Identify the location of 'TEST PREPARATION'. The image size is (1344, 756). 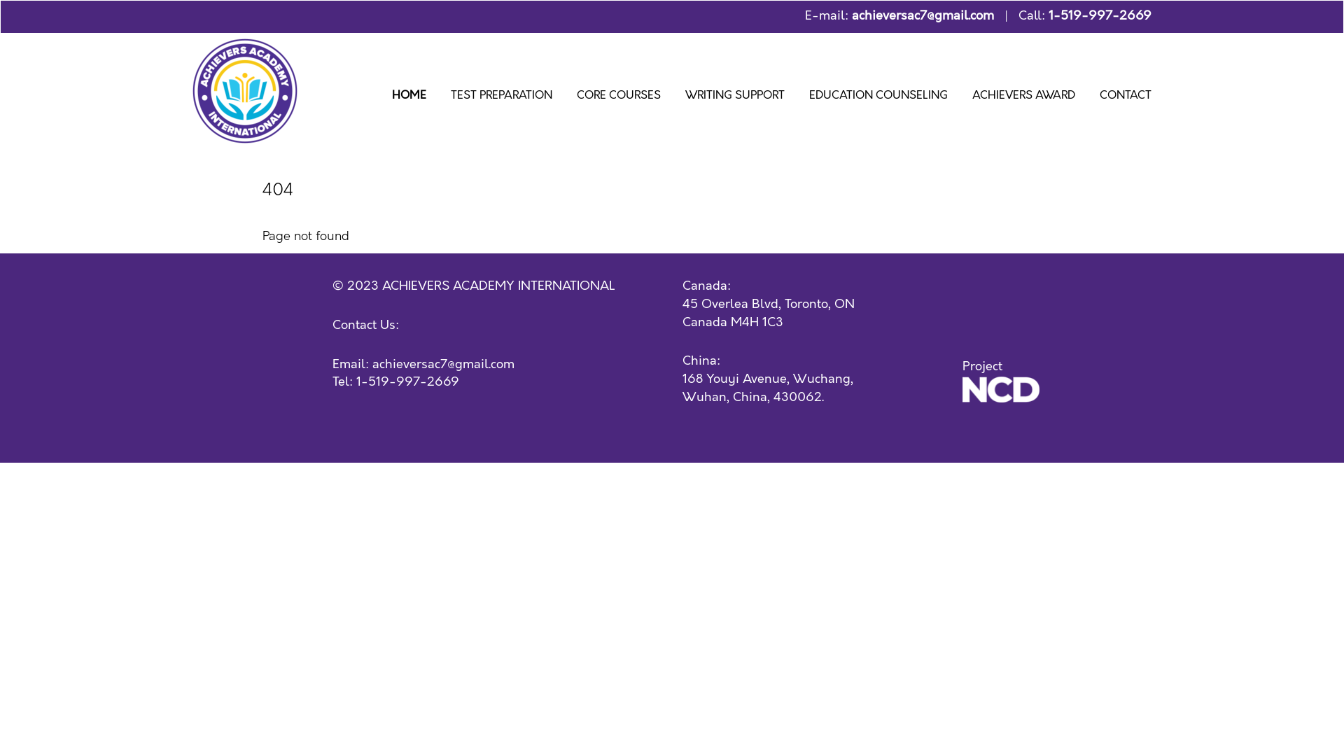
(501, 97).